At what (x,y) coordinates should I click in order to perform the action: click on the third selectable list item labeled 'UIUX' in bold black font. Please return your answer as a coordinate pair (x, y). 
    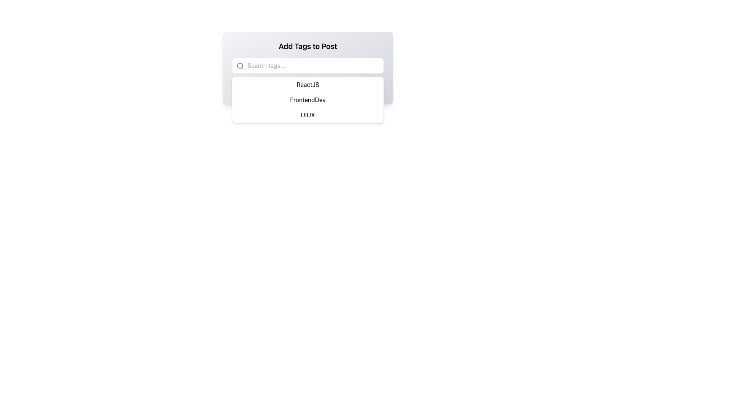
    Looking at the image, I should click on (308, 115).